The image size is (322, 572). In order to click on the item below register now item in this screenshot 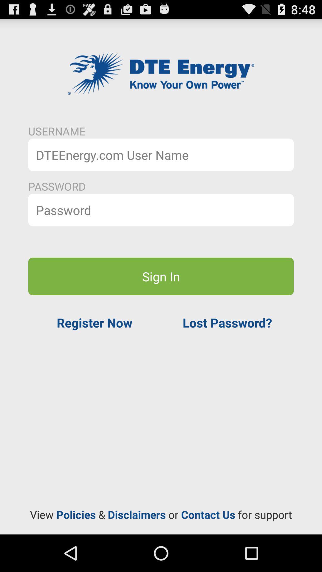, I will do `click(161, 514)`.